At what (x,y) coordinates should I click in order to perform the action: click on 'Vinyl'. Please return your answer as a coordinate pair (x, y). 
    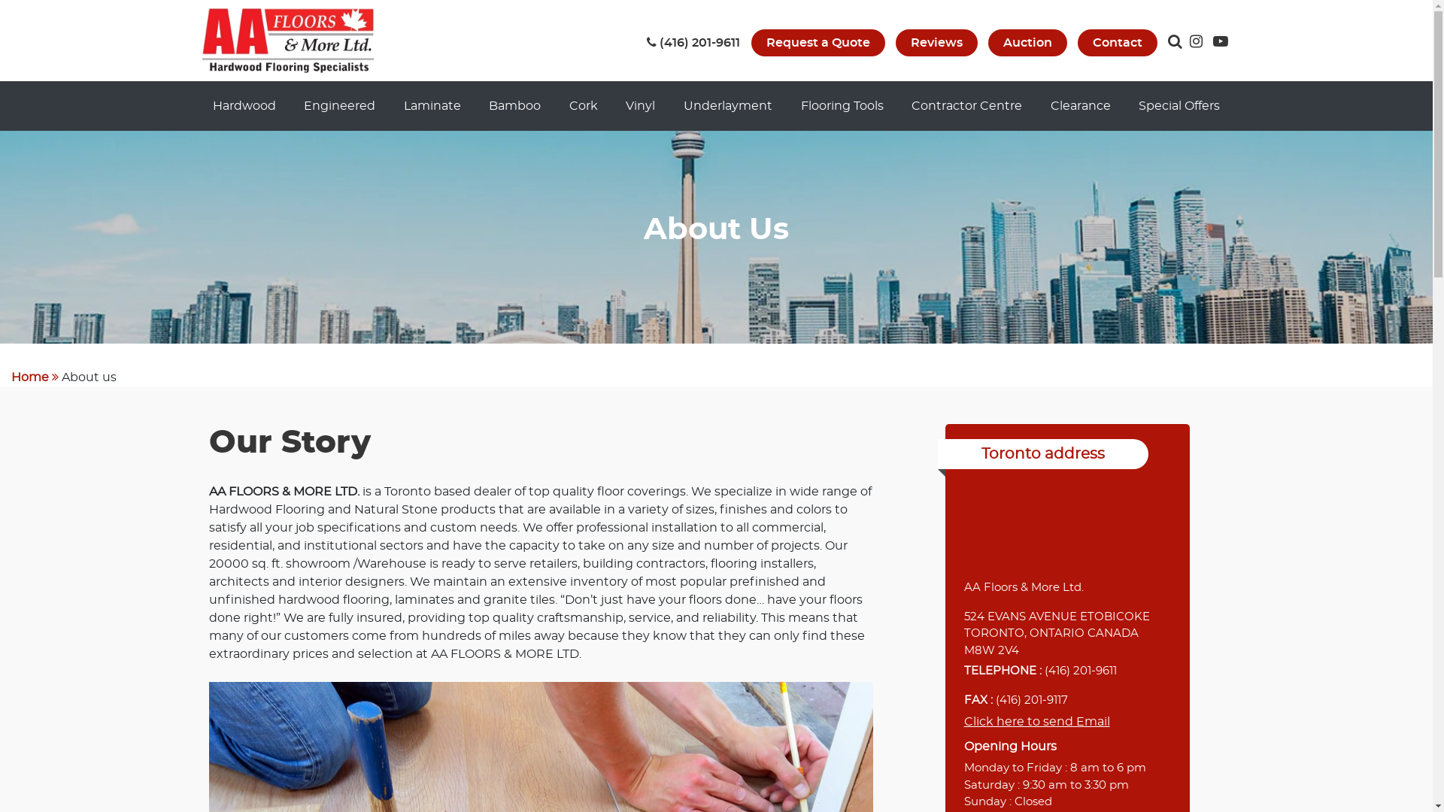
    Looking at the image, I should click on (625, 105).